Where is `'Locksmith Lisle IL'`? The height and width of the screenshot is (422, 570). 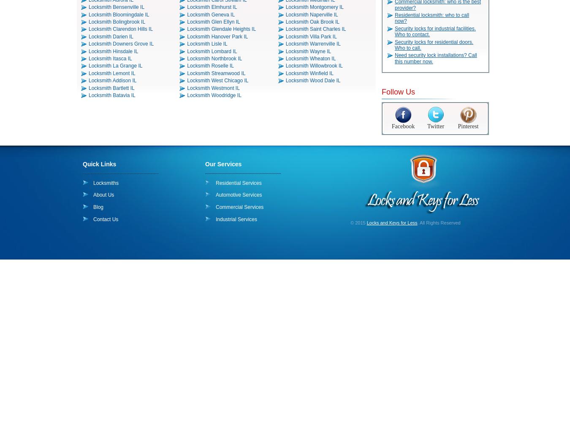 'Locksmith Lisle IL' is located at coordinates (206, 43).